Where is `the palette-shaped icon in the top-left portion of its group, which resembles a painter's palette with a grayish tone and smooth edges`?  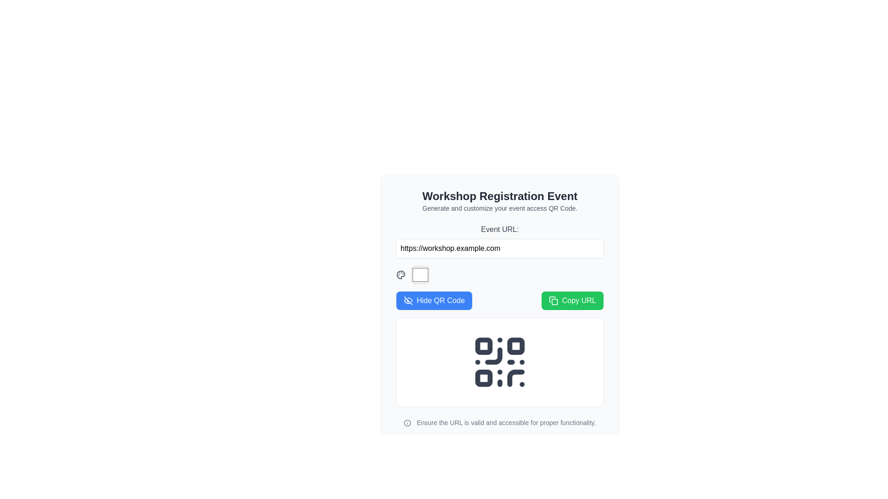 the palette-shaped icon in the top-left portion of its group, which resembles a painter's palette with a grayish tone and smooth edges is located at coordinates (401, 274).